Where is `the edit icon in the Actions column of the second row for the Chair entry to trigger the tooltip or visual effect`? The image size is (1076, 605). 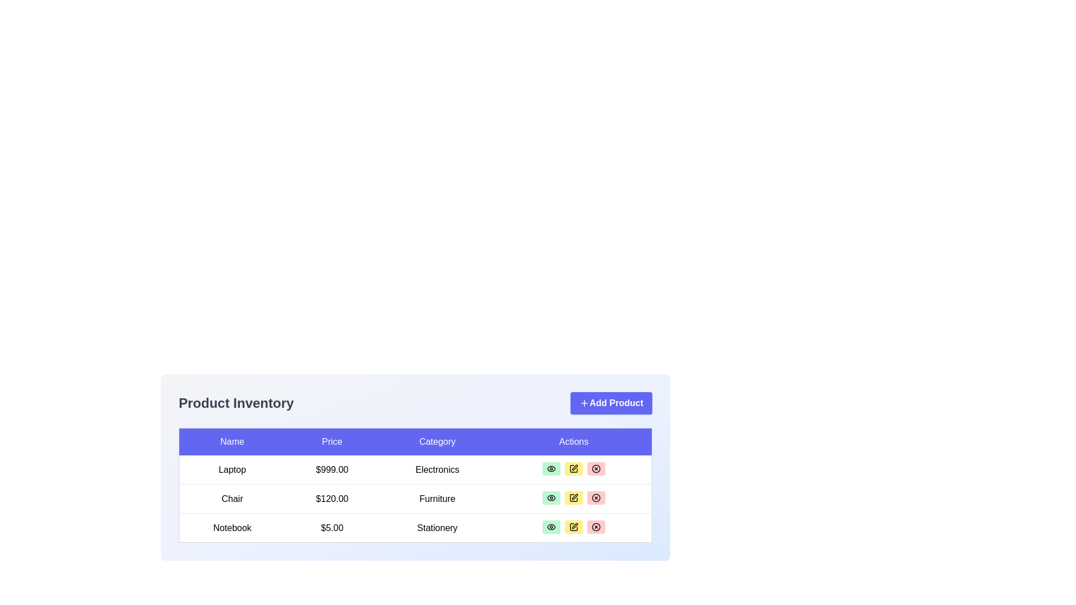 the edit icon in the Actions column of the second row for the Chair entry to trigger the tooltip or visual effect is located at coordinates (574, 467).